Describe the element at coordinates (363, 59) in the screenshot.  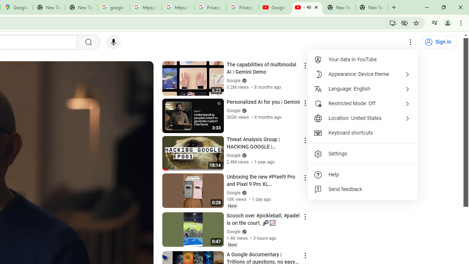
I see `'Your data in YouTube'` at that location.